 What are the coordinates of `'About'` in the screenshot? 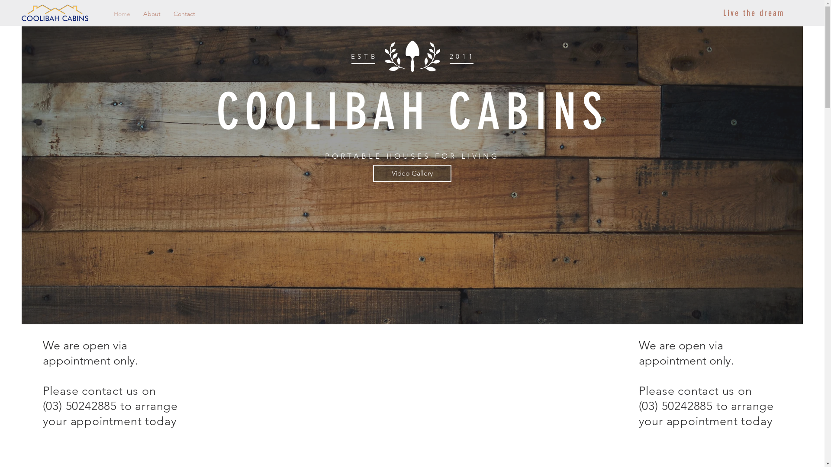 It's located at (151, 13).